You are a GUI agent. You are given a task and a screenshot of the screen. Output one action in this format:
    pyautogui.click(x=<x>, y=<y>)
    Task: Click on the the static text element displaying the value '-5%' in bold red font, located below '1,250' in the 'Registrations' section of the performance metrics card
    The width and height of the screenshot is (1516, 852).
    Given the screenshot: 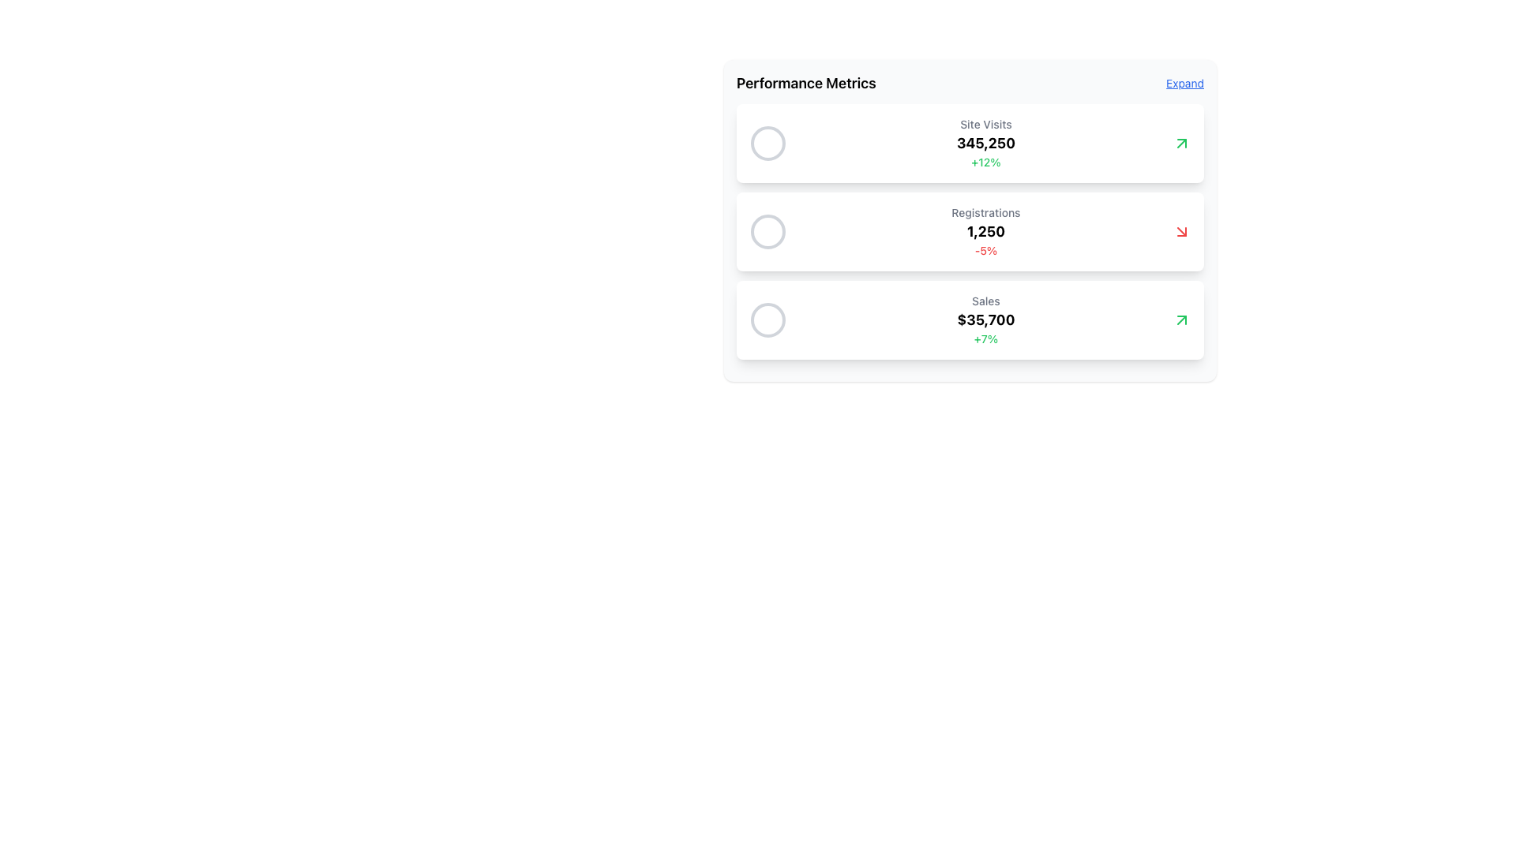 What is the action you would take?
    pyautogui.click(x=985, y=249)
    